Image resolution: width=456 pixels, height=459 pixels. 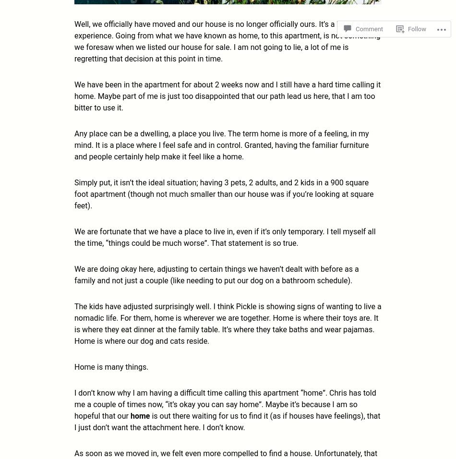 I want to click on 'We are fortunate that we have a place to live in, even if it’s only temporary. I tell myself all the time, “things could be much worse”. That statement is so true.', so click(x=224, y=236).